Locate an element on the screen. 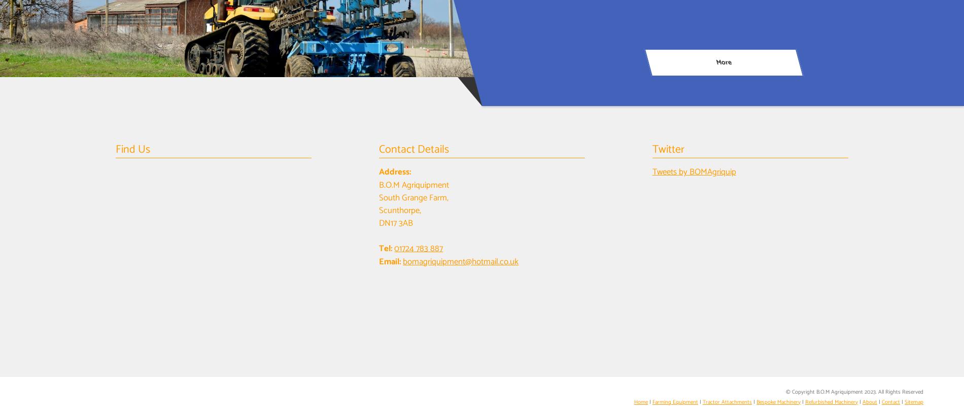  'B.O.M Agriquipment' is located at coordinates (414, 185).